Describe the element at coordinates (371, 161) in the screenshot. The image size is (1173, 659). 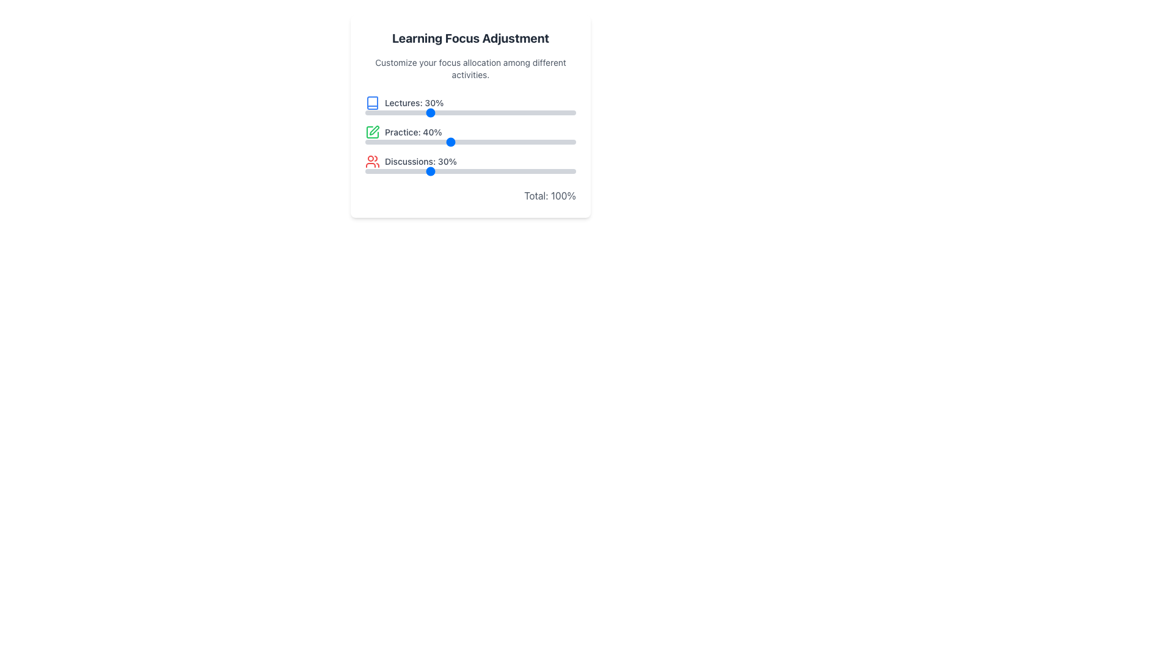
I see `the 'Discussions' icon located in the third row of the section grouping` at that location.